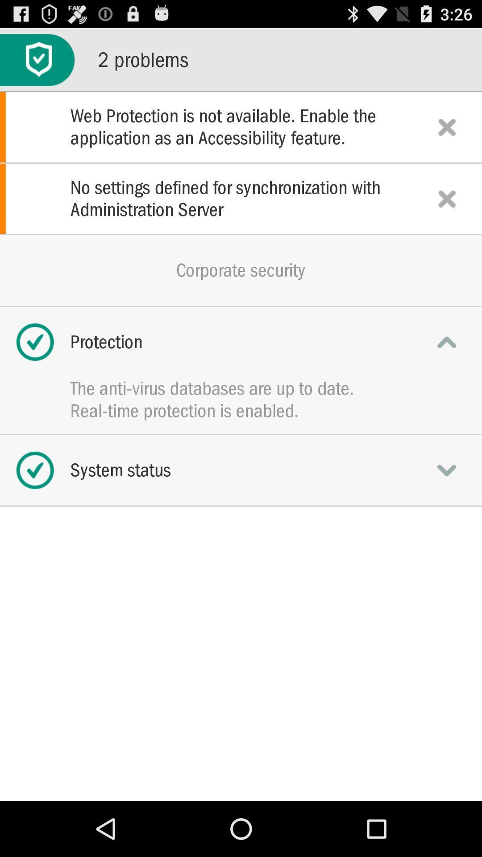 This screenshot has height=857, width=482. What do you see at coordinates (447, 341) in the screenshot?
I see `minimize the protection dropdown` at bounding box center [447, 341].